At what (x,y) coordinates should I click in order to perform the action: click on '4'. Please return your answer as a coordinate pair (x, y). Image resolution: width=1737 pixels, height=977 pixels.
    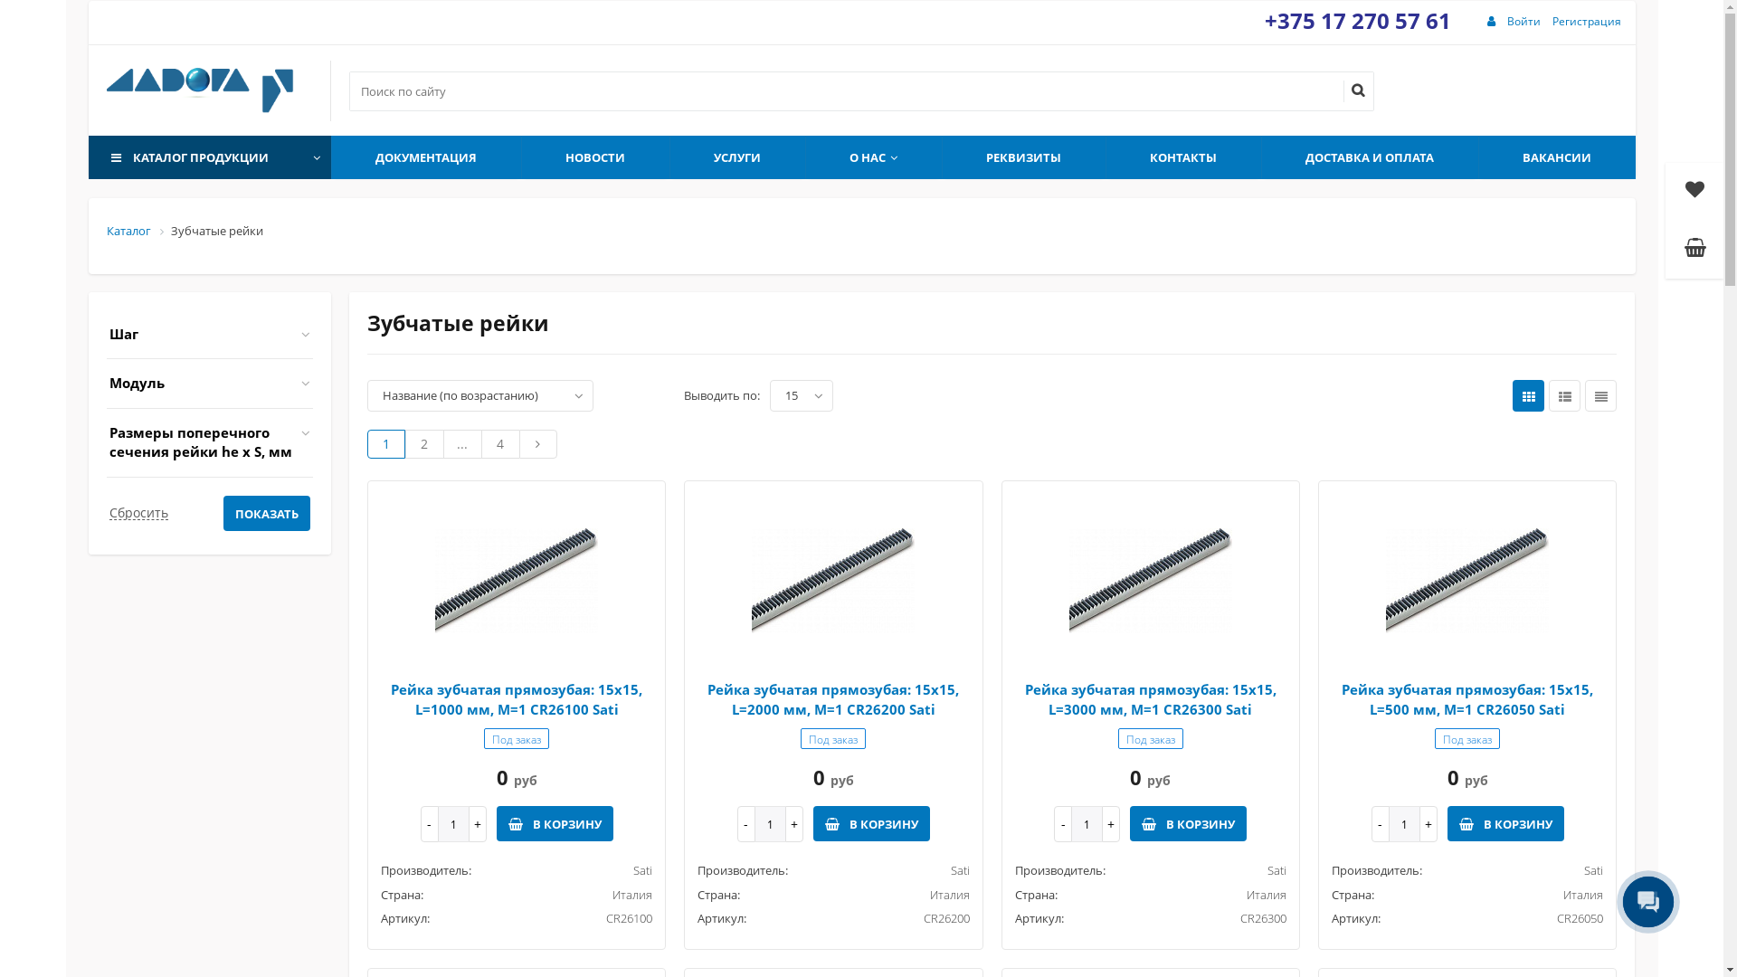
    Looking at the image, I should click on (499, 443).